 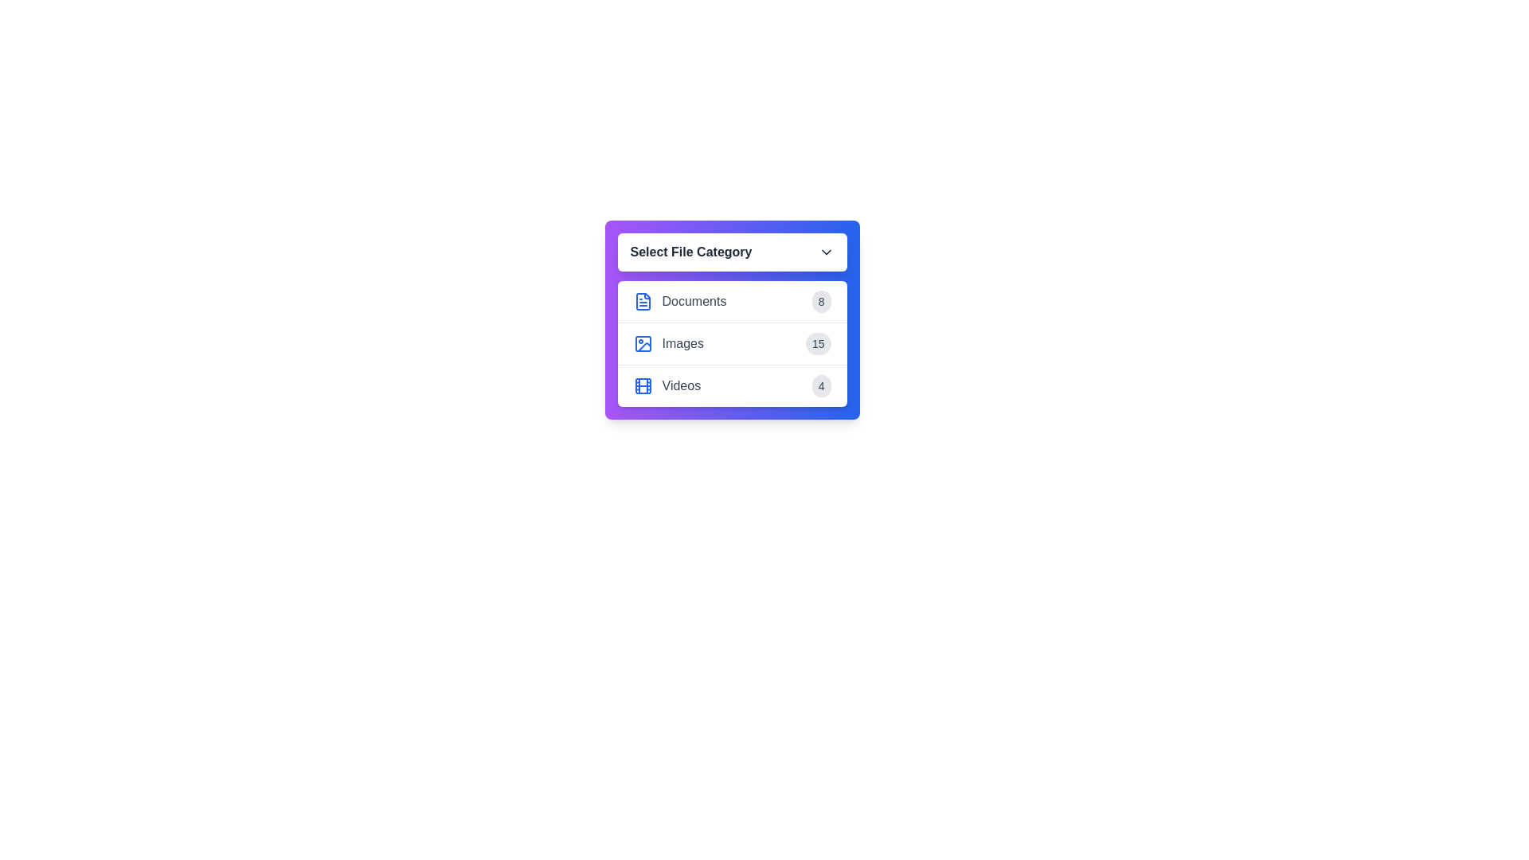 I want to click on value represented by the badge with the text '8', which is a small, pill-shaped badge located to the right of the 'Documents' label, so click(x=821, y=301).